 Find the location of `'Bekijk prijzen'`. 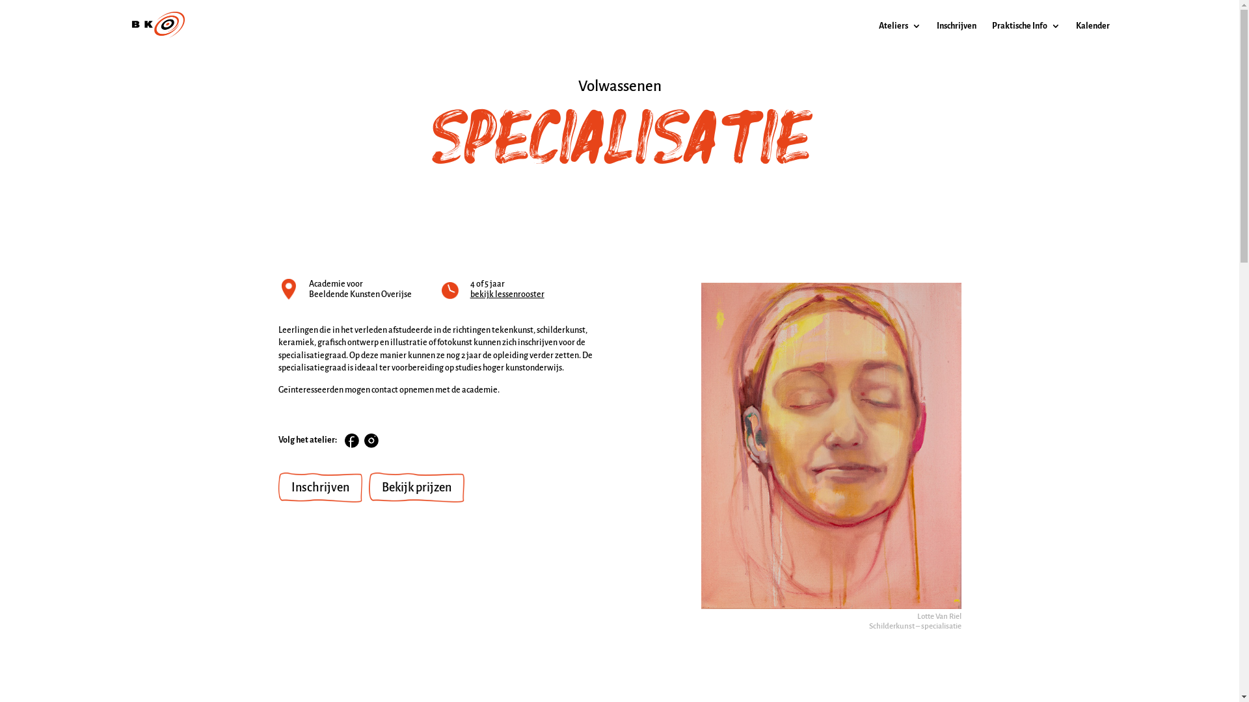

'Bekijk prijzen' is located at coordinates (415, 487).